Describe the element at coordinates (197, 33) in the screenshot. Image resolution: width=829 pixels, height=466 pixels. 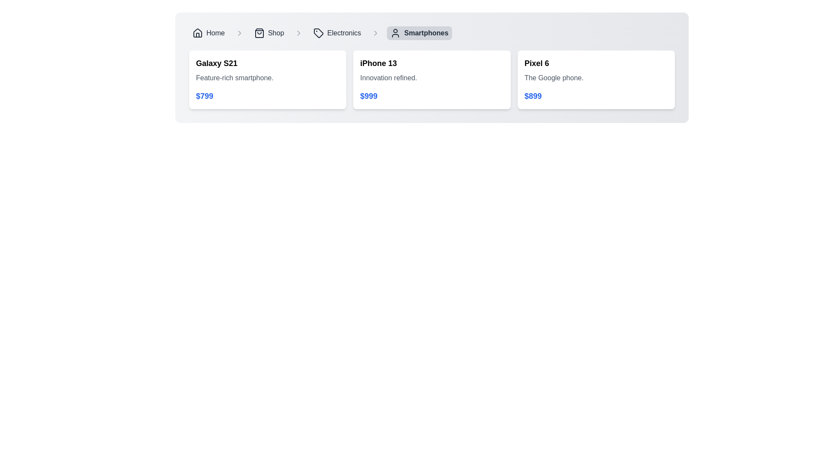
I see `the house icon located at the leftmost position in the navigation breadcrumb bar, which is styled in line-art format and precedes the text 'Home'` at that location.